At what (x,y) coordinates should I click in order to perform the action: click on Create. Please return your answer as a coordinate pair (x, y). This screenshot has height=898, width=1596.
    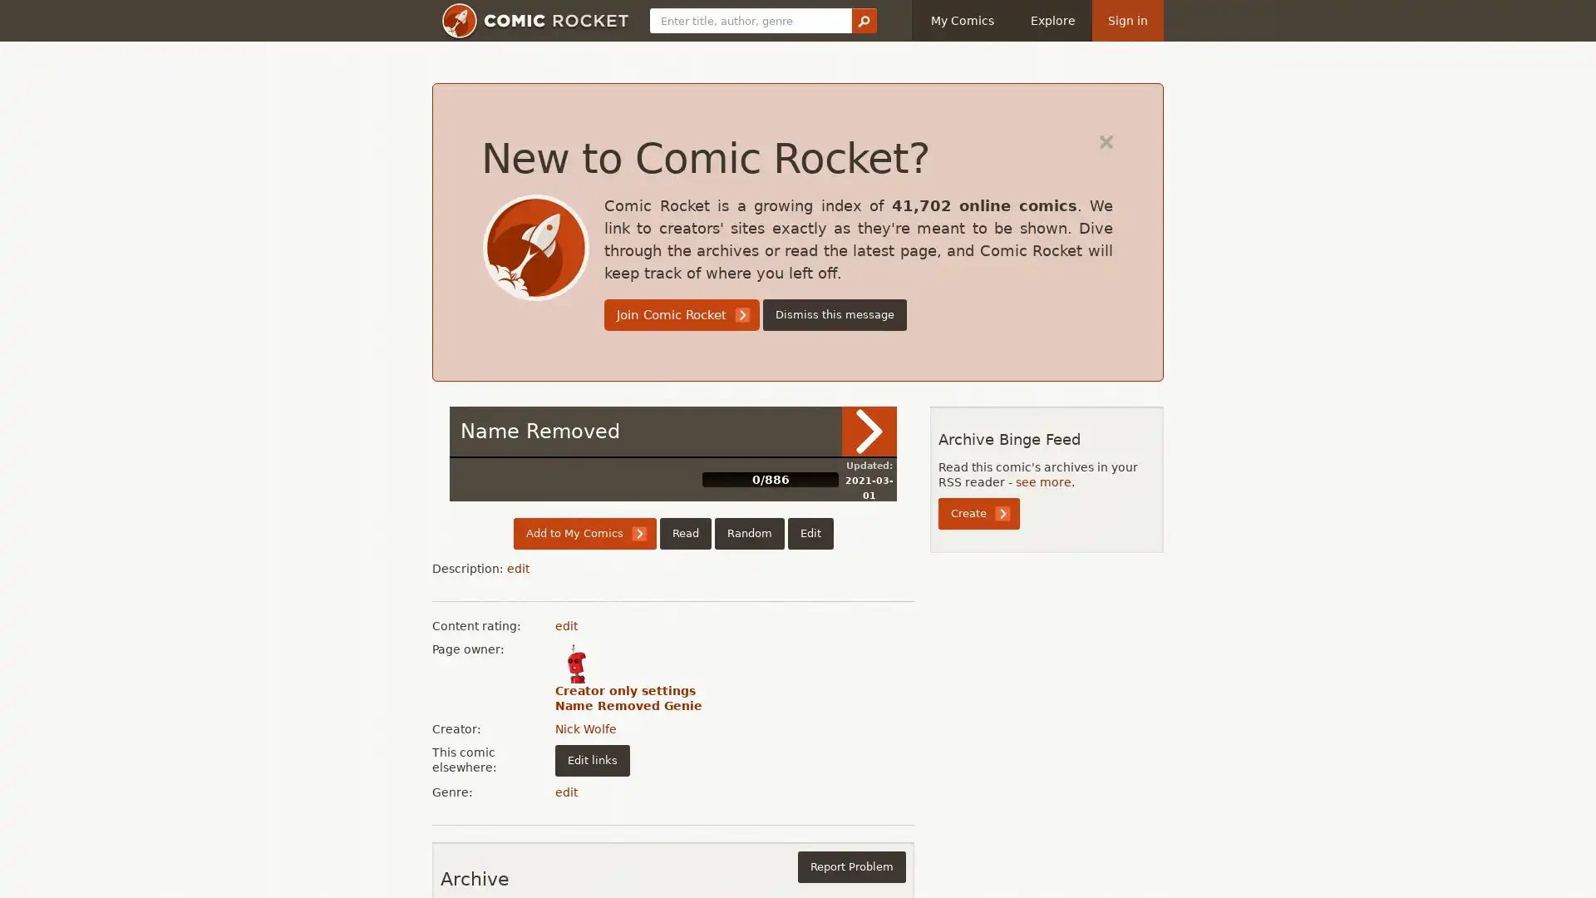
    Looking at the image, I should click on (978, 512).